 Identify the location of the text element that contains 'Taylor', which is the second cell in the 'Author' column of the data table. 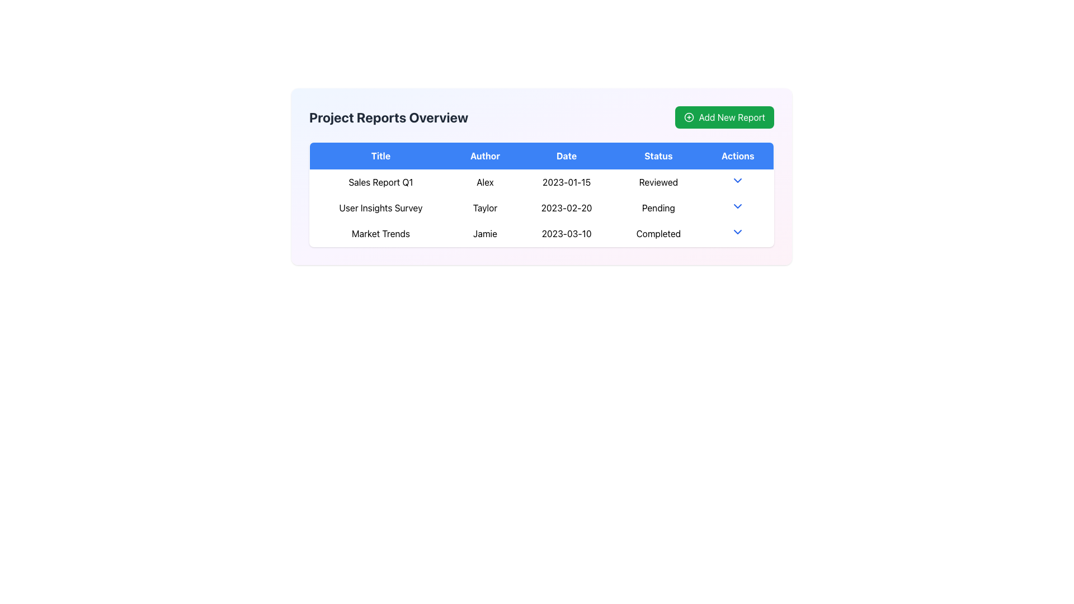
(485, 207).